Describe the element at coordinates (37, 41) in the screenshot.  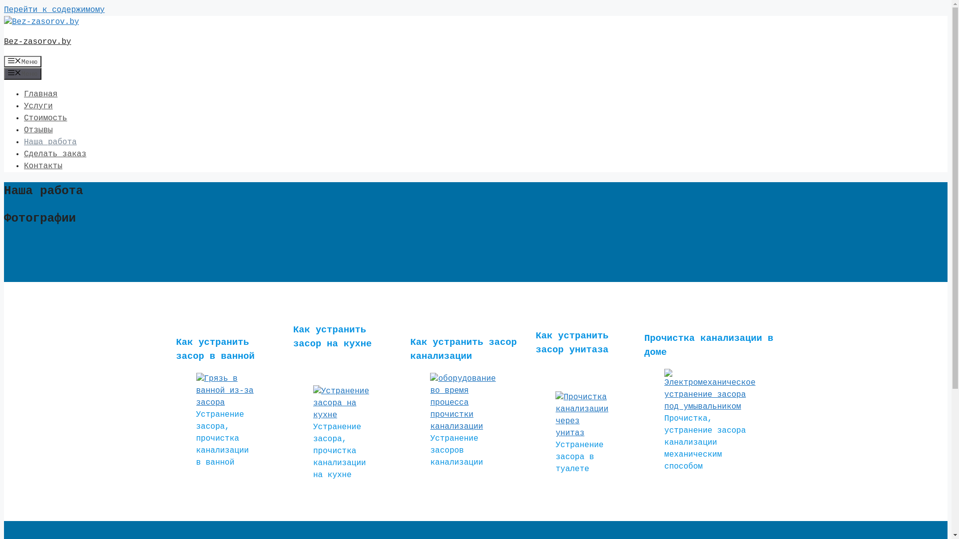
I see `'Bez-zasorov.by'` at that location.